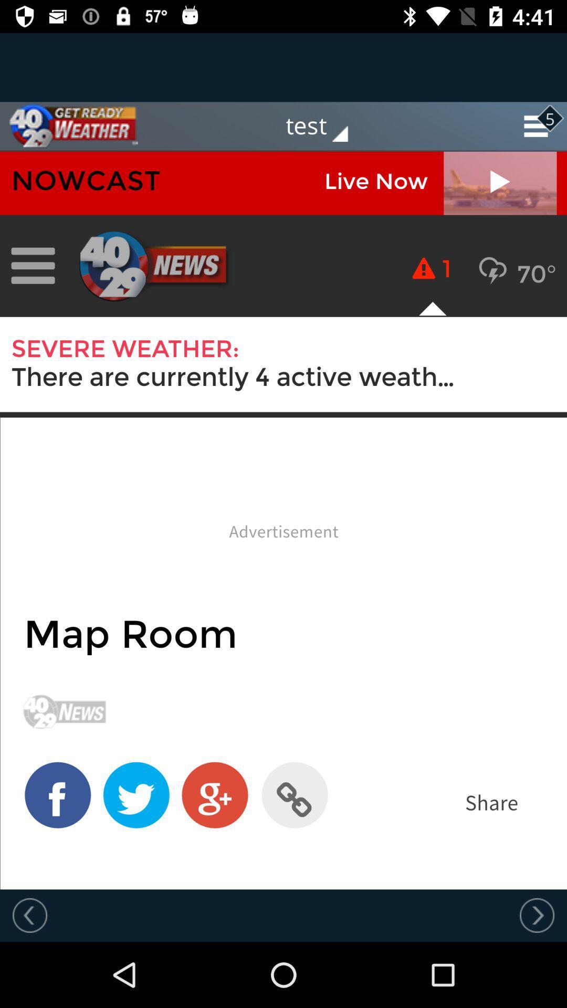 This screenshot has height=1008, width=567. What do you see at coordinates (537, 915) in the screenshot?
I see `next button` at bounding box center [537, 915].